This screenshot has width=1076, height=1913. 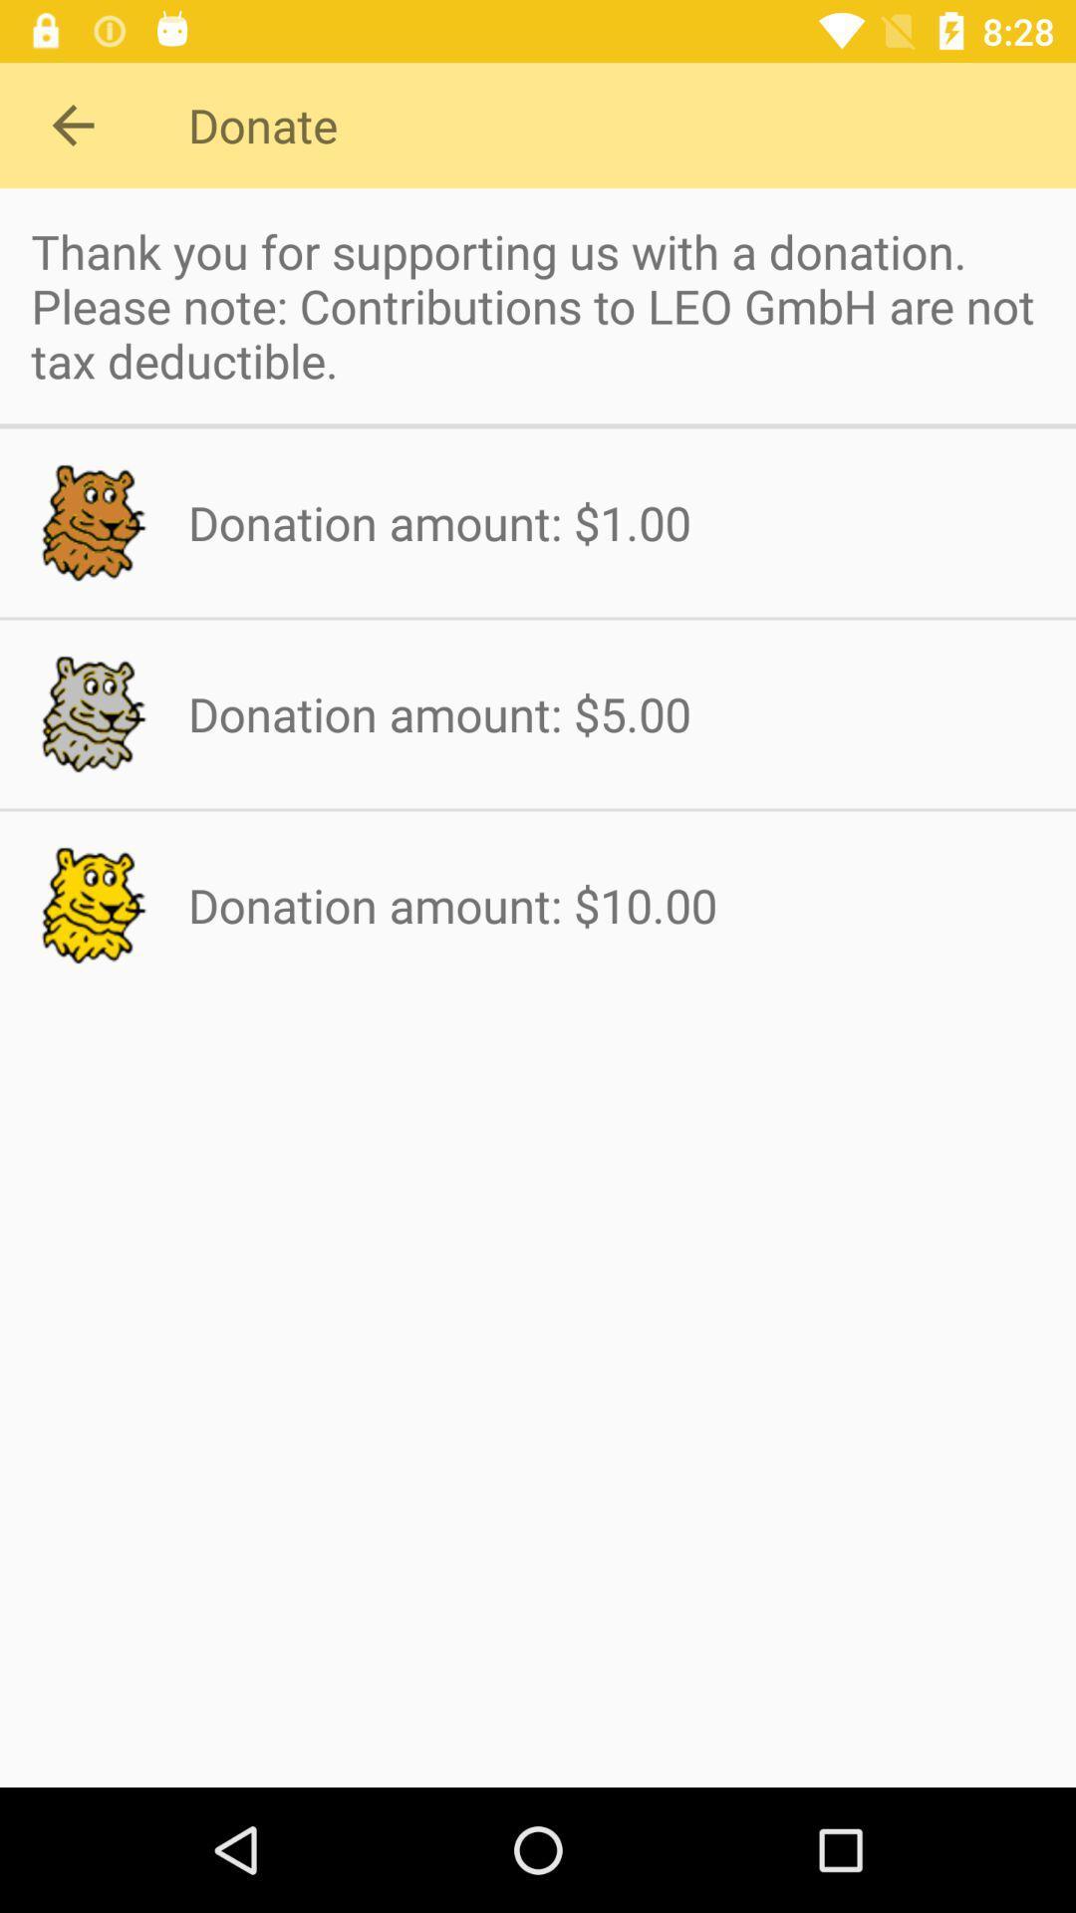 I want to click on item to the left of donate, so click(x=72, y=124).